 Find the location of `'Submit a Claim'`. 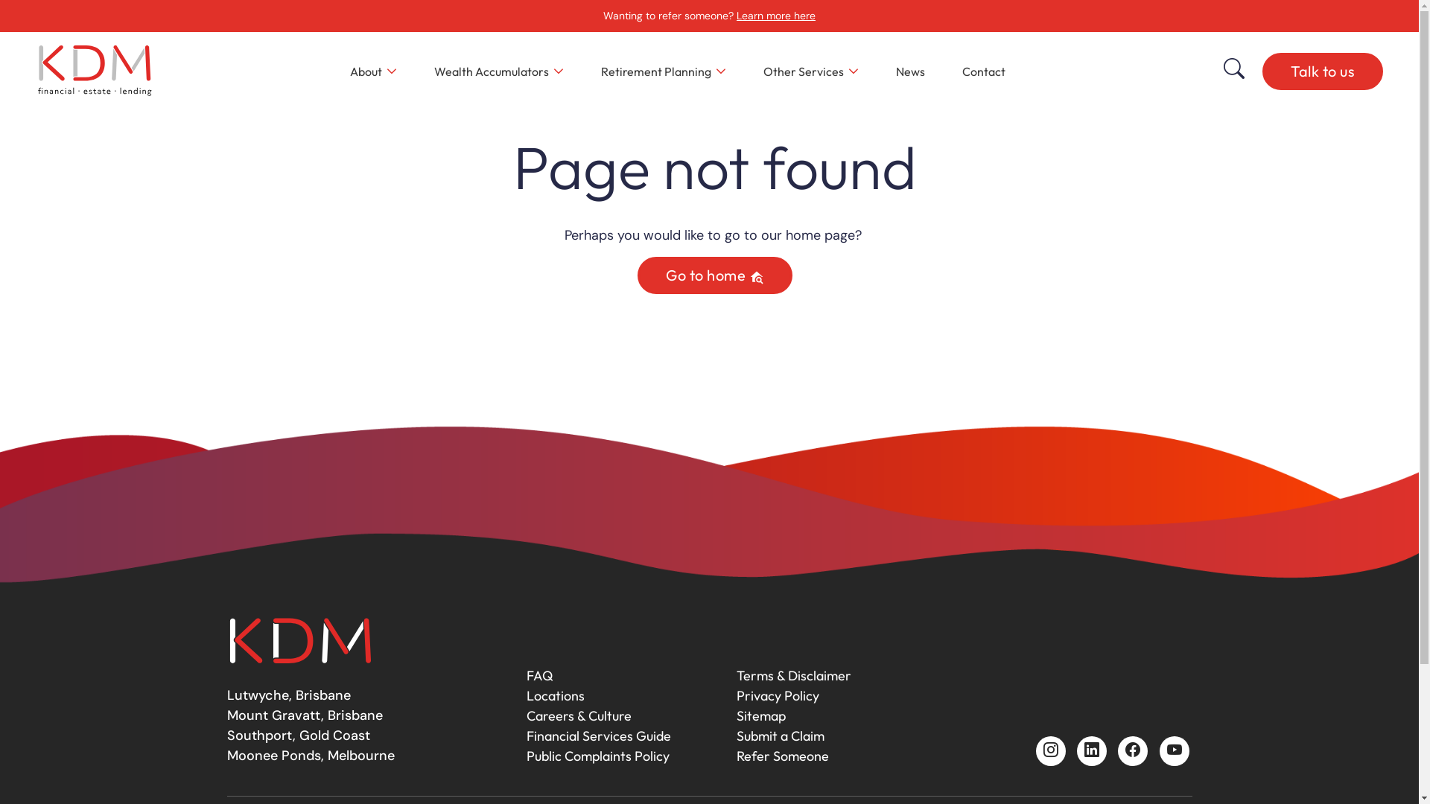

'Submit a Claim' is located at coordinates (778, 735).